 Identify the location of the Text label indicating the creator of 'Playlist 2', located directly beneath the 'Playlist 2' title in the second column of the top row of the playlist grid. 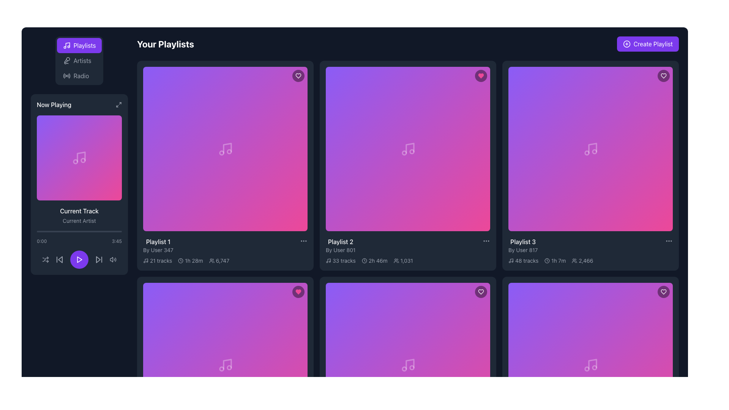
(340, 250).